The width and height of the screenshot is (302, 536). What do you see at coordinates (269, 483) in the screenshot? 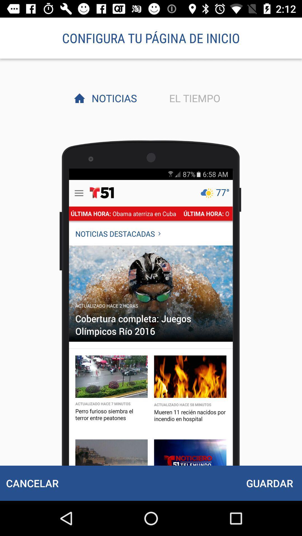
I see `icon next to cancelar item` at bounding box center [269, 483].